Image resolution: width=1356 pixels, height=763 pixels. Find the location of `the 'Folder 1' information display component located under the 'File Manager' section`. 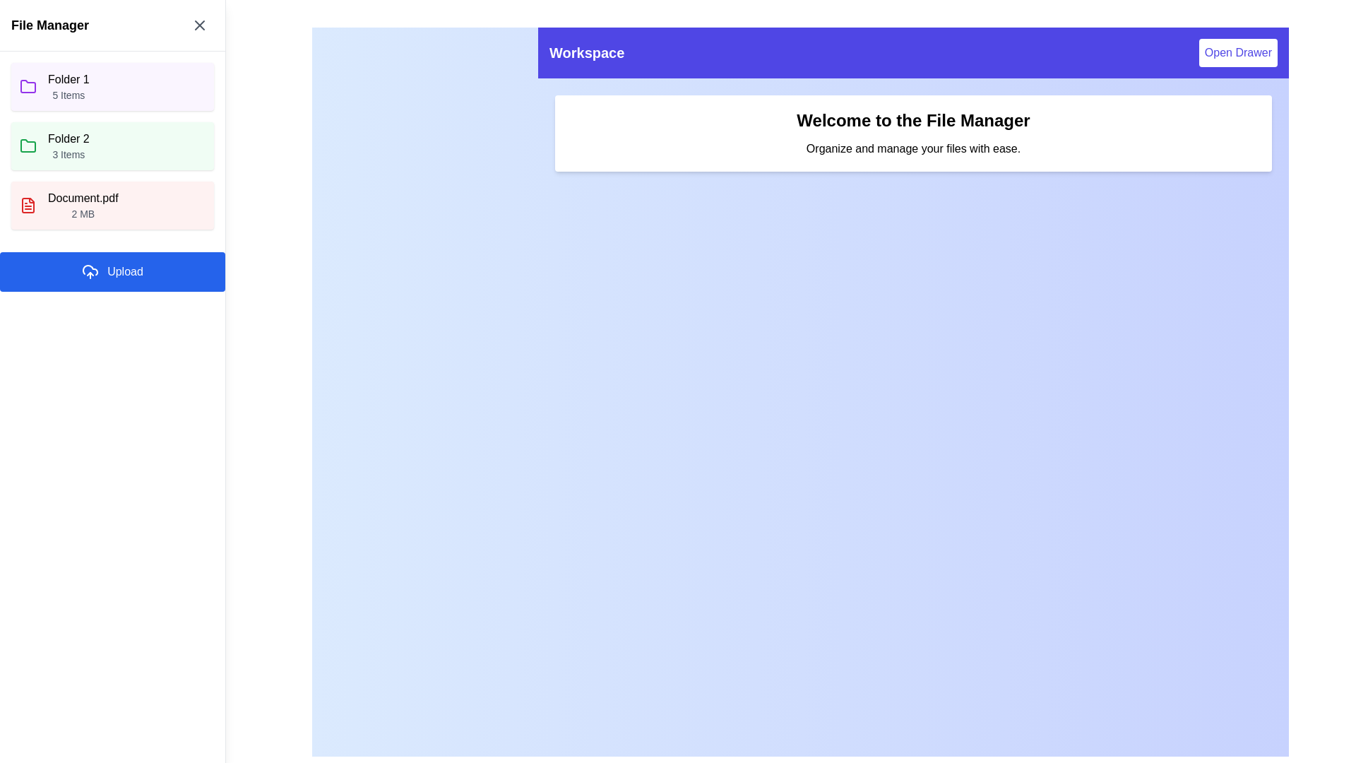

the 'Folder 1' information display component located under the 'File Manager' section is located at coordinates (68, 87).